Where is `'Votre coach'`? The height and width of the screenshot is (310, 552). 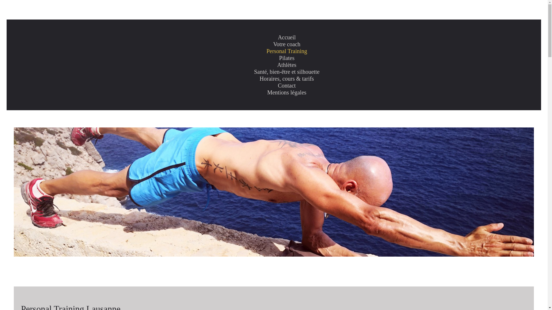
'Votre coach' is located at coordinates (273, 44).